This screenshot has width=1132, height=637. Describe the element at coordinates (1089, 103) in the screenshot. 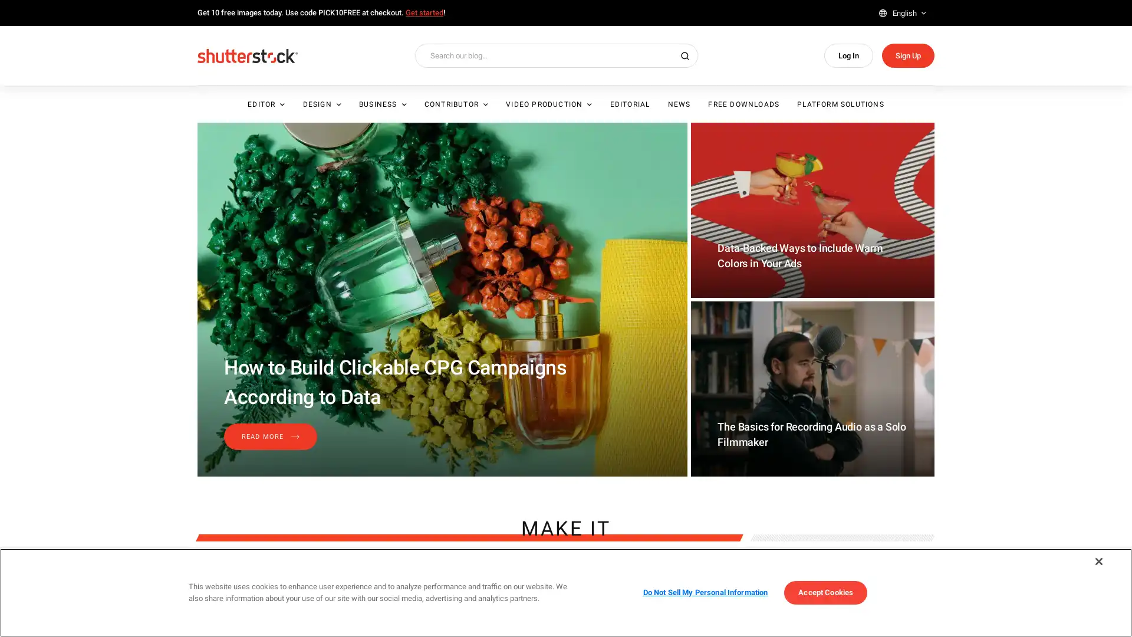

I see `Search` at that location.